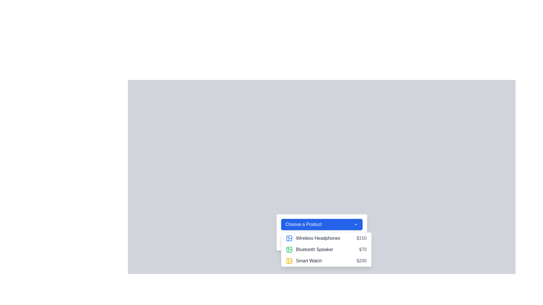 This screenshot has height=305, width=543. I want to click on the blue picture frame icon located to the left of 'Wireless Headphones' in the dropdown list, so click(289, 238).